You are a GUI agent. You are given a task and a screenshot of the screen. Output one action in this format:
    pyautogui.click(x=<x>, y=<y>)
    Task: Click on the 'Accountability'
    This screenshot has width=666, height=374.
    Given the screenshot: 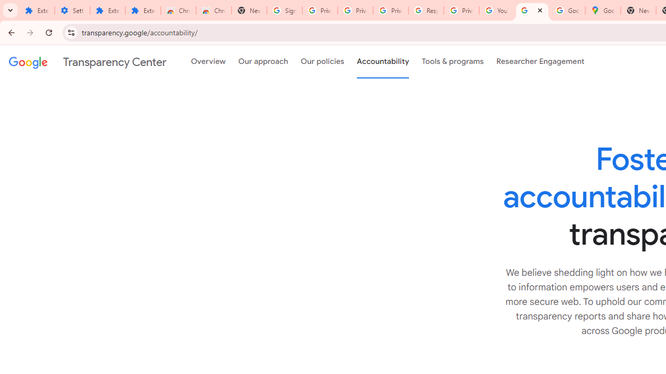 What is the action you would take?
    pyautogui.click(x=382, y=62)
    